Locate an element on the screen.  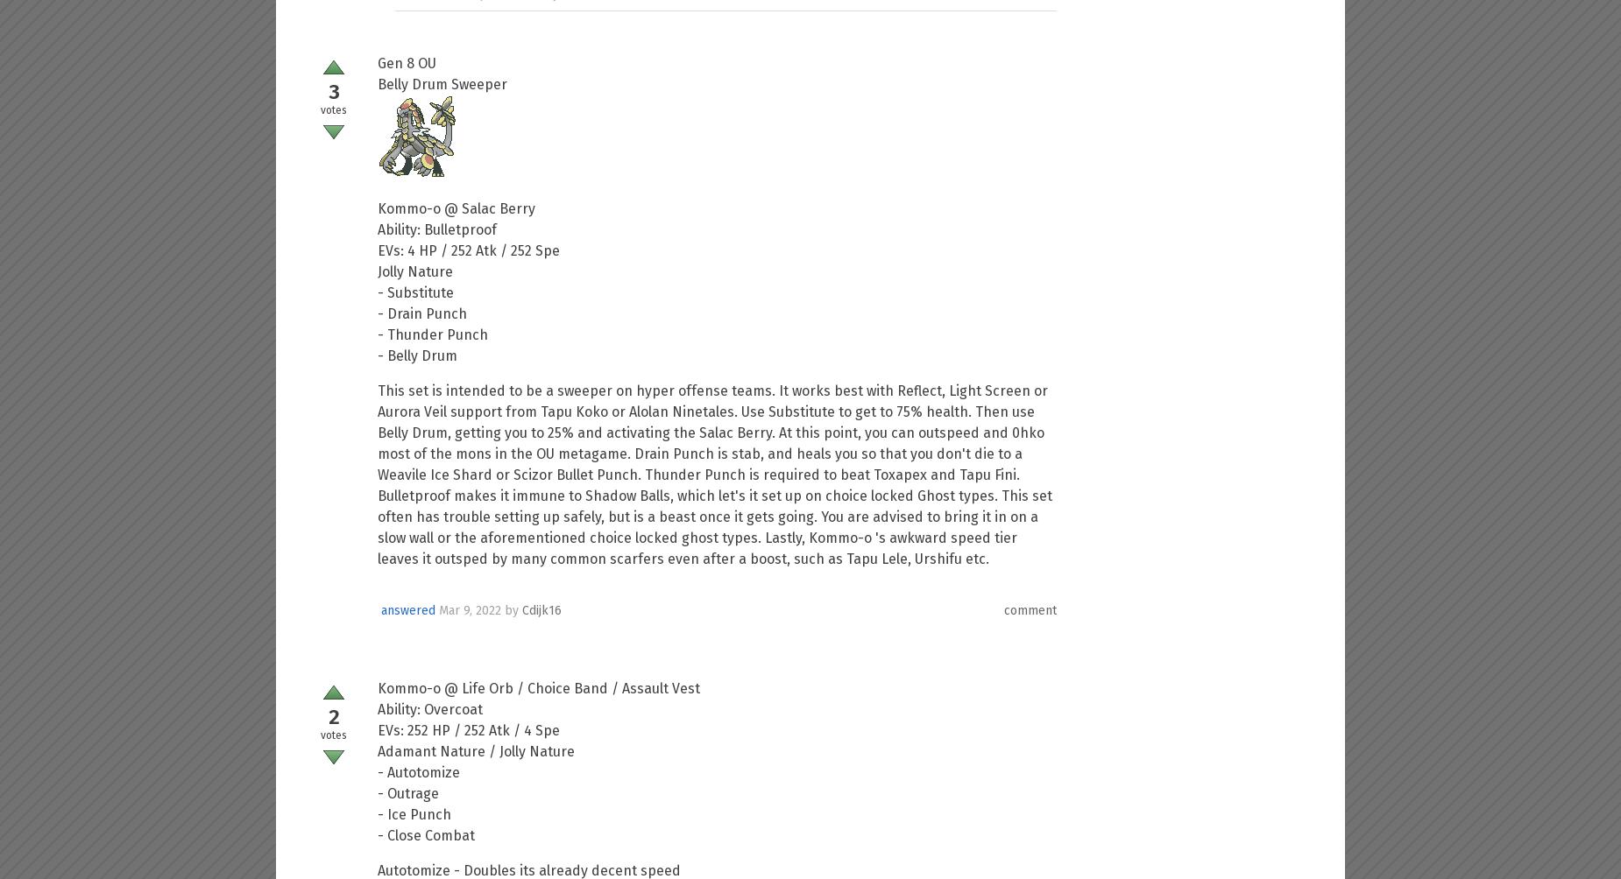
'EVs: 252 HP / 252 Atk / 4 Spe' is located at coordinates (469, 730).